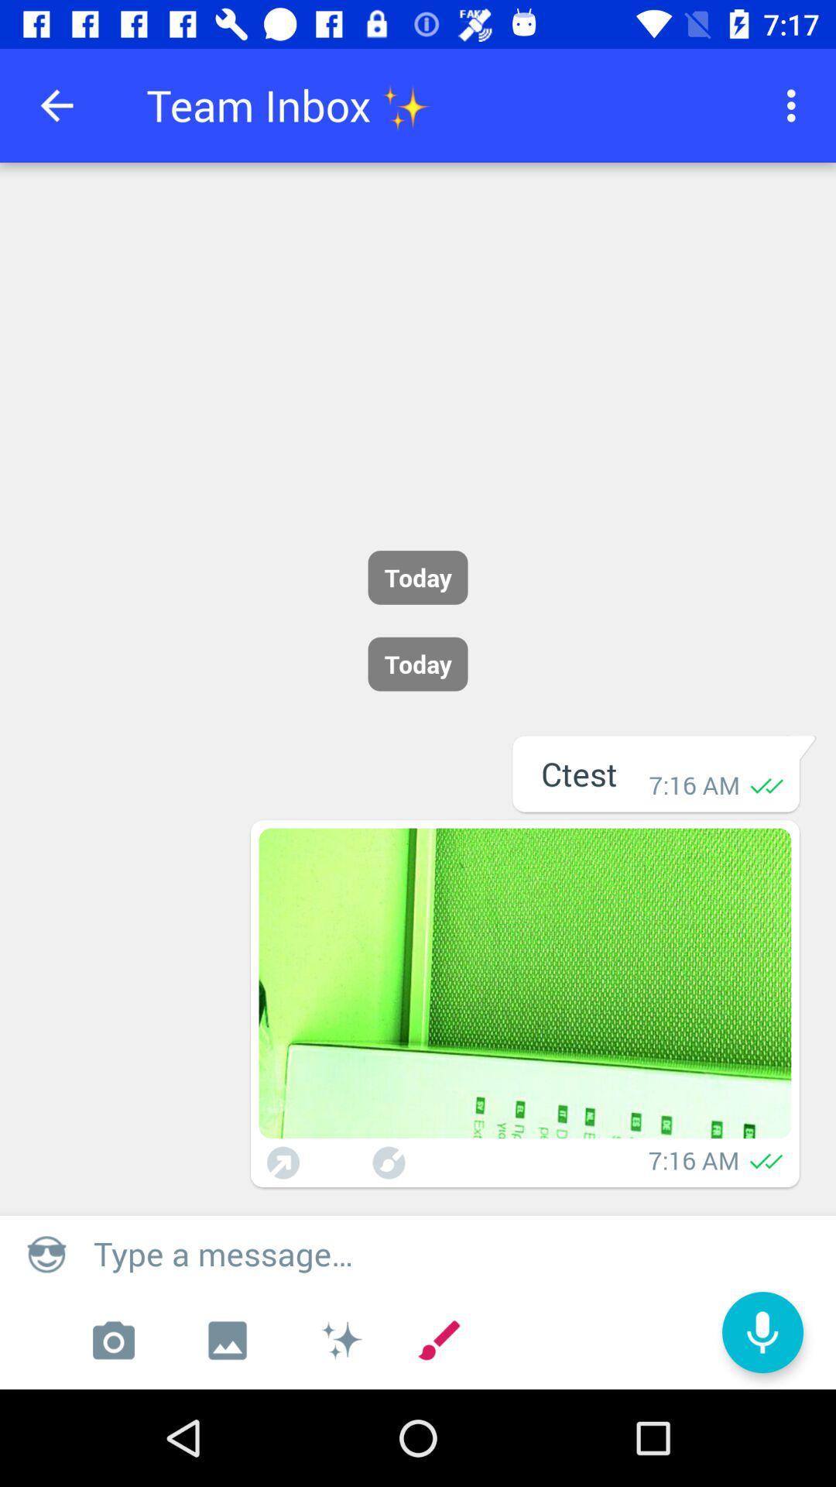 The width and height of the screenshot is (836, 1487). Describe the element at coordinates (56, 105) in the screenshot. I see `previous page` at that location.